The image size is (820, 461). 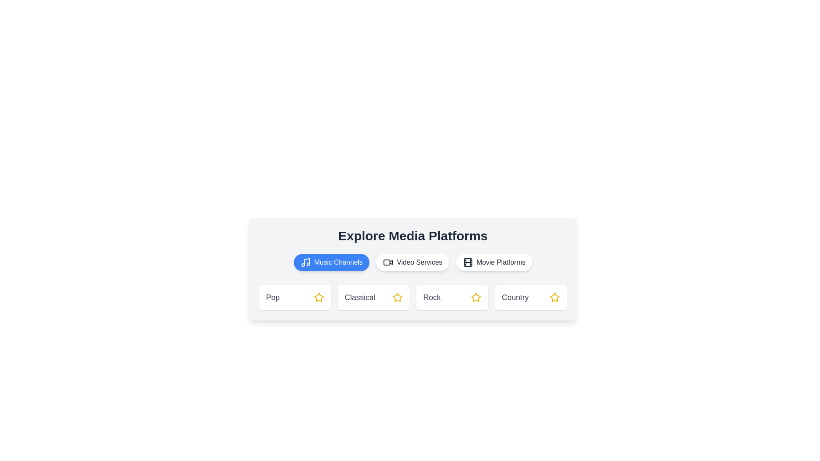 What do you see at coordinates (554, 296) in the screenshot?
I see `the stylized star icon with a yellow stroke and hollow center located in the second row, fourth position from the left` at bounding box center [554, 296].